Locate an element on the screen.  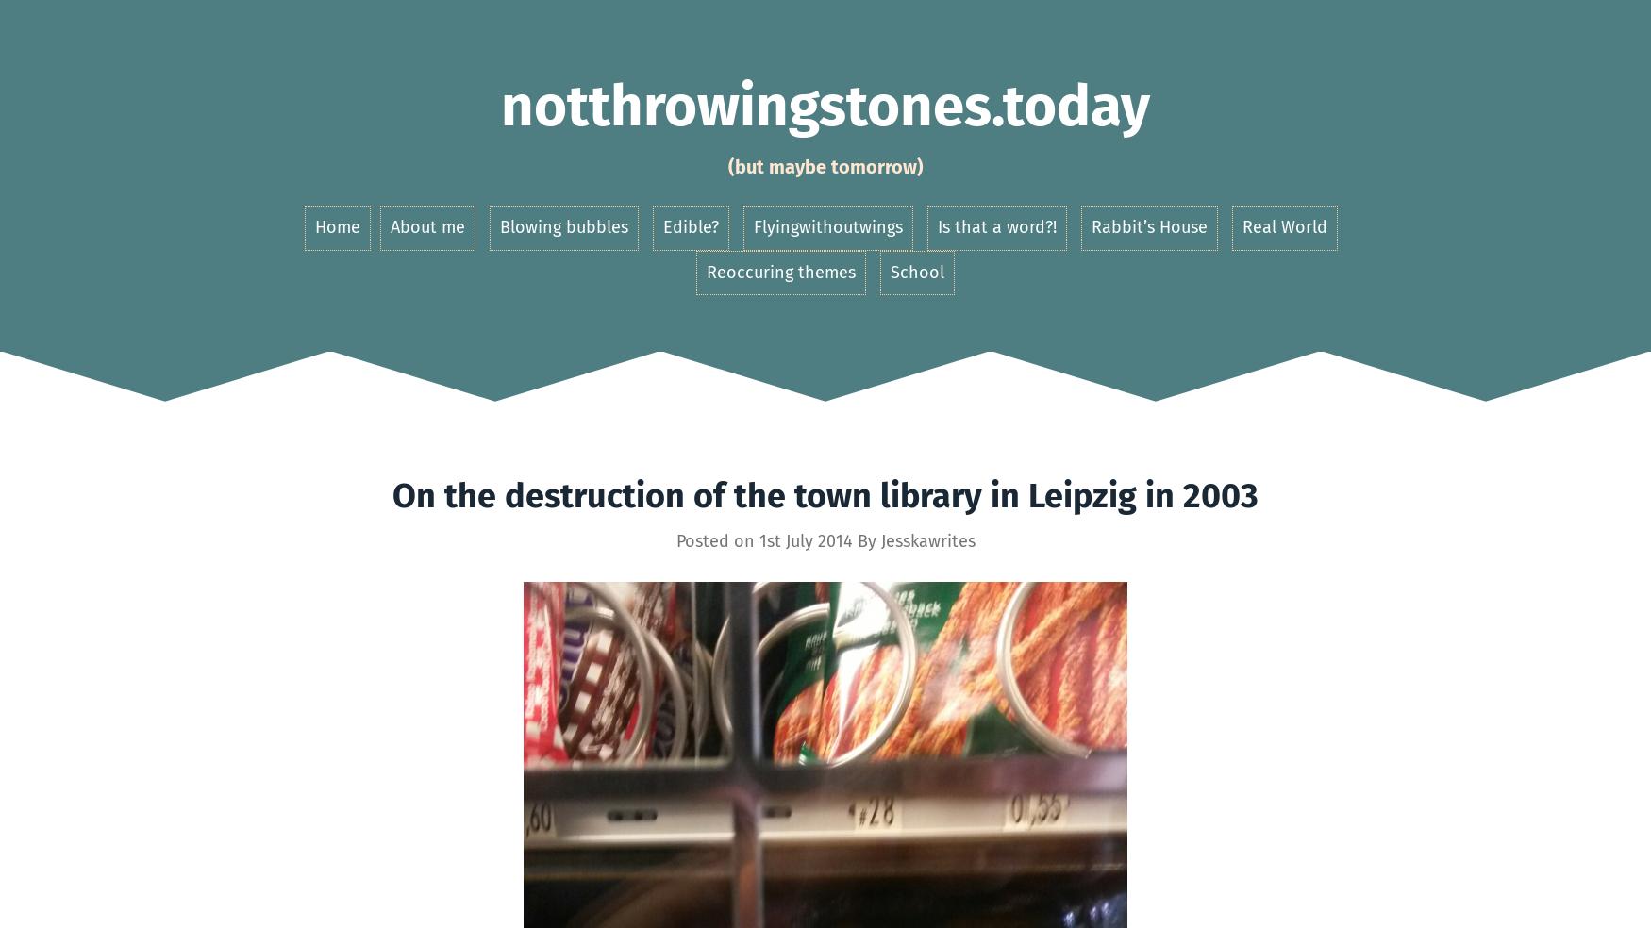
'Edible?' is located at coordinates (690, 226).